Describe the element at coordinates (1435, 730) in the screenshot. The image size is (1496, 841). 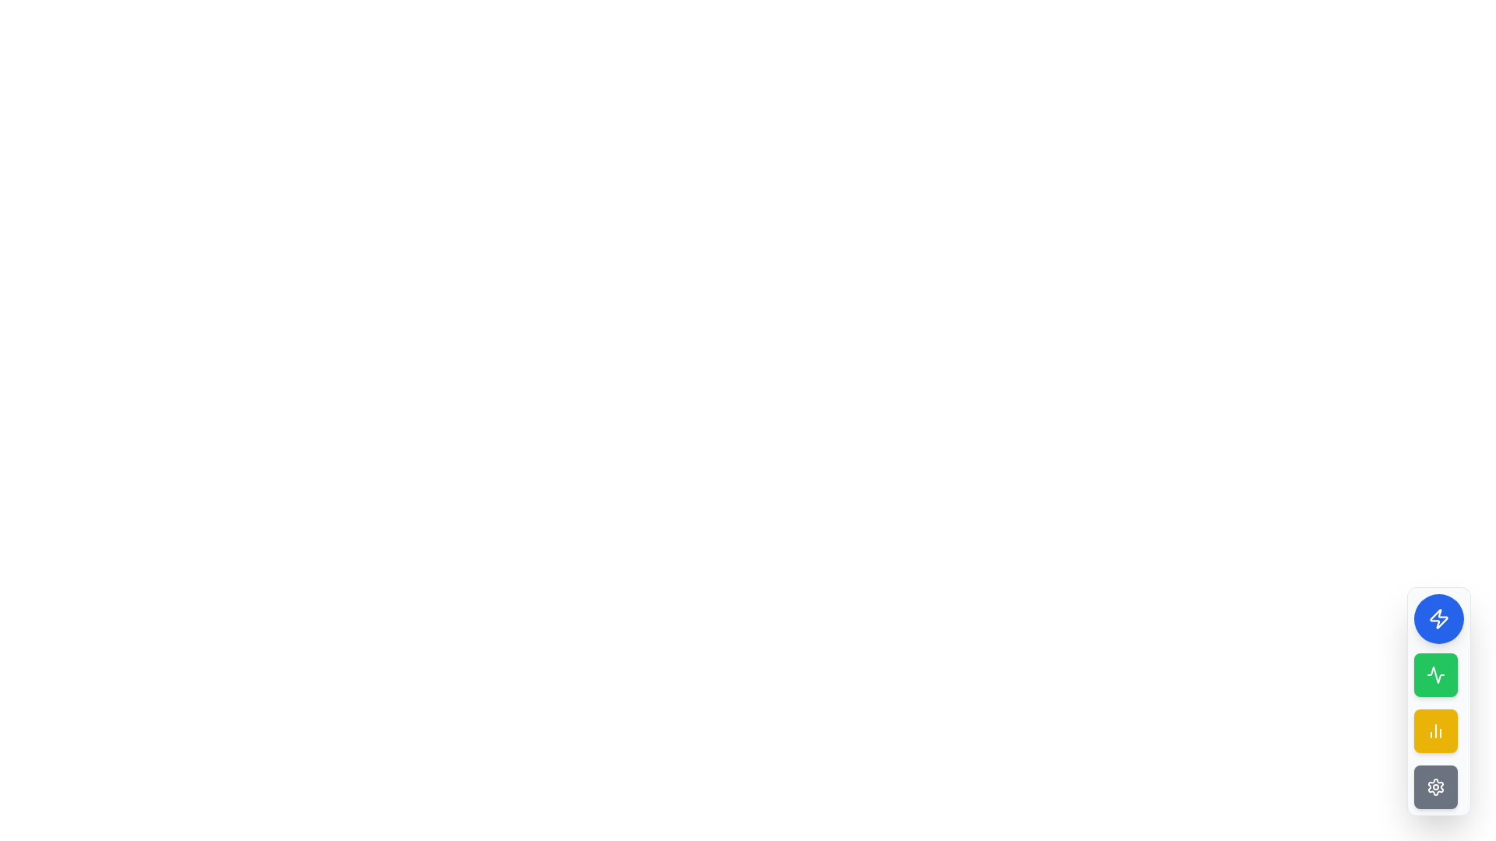
I see `the vertically aligned column chart icon, which is located in the middle of a yellow button` at that location.